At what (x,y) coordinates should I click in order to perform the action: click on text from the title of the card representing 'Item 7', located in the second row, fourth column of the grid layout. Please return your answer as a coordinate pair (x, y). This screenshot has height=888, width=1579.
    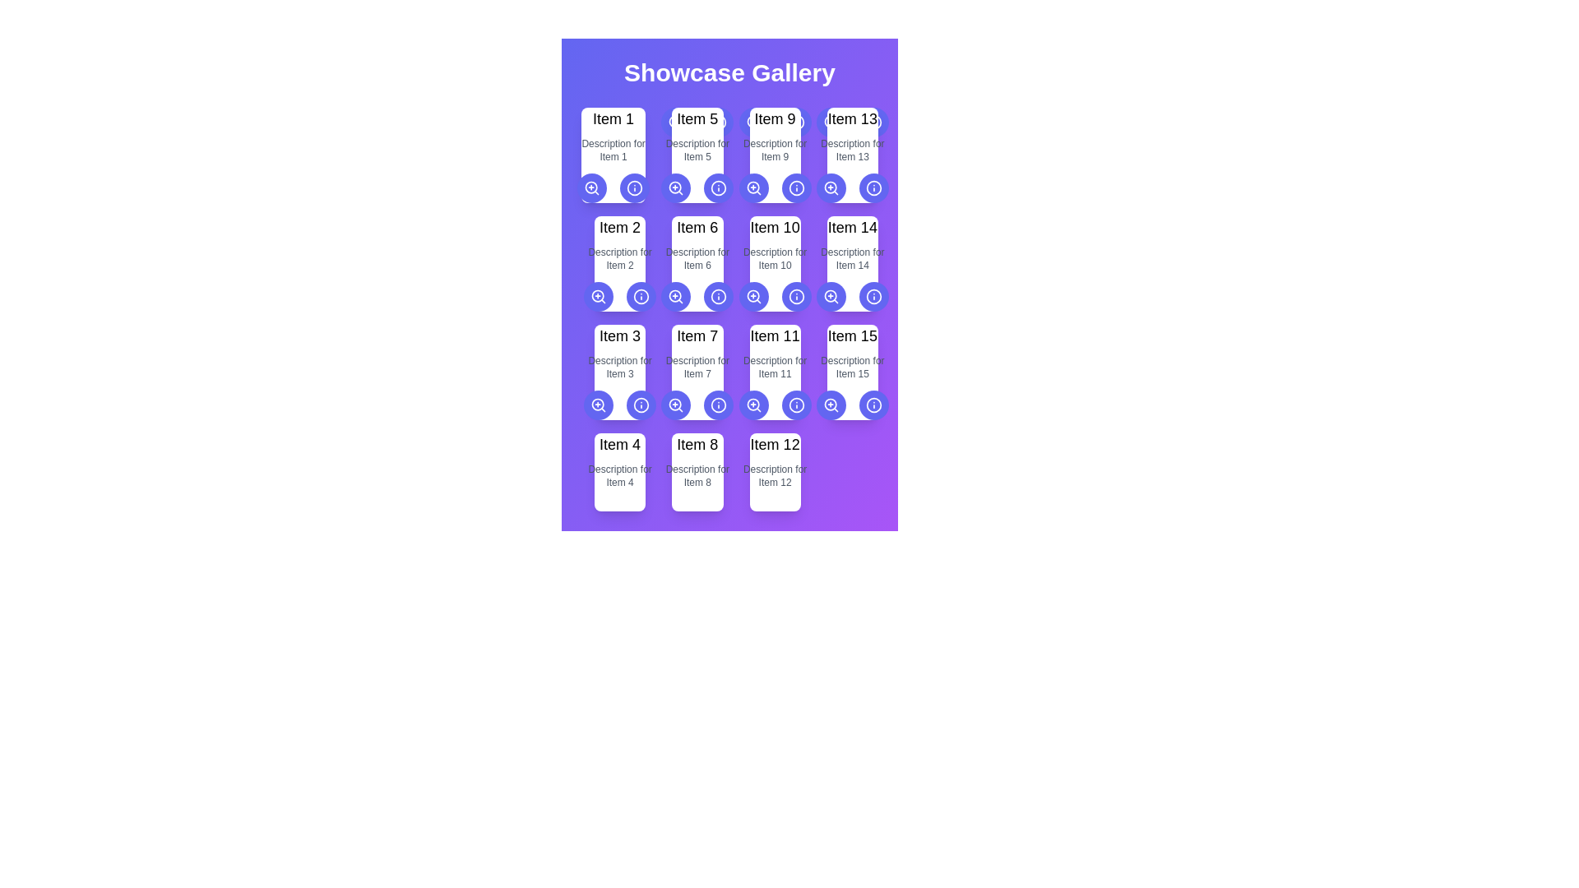
    Looking at the image, I should click on (697, 335).